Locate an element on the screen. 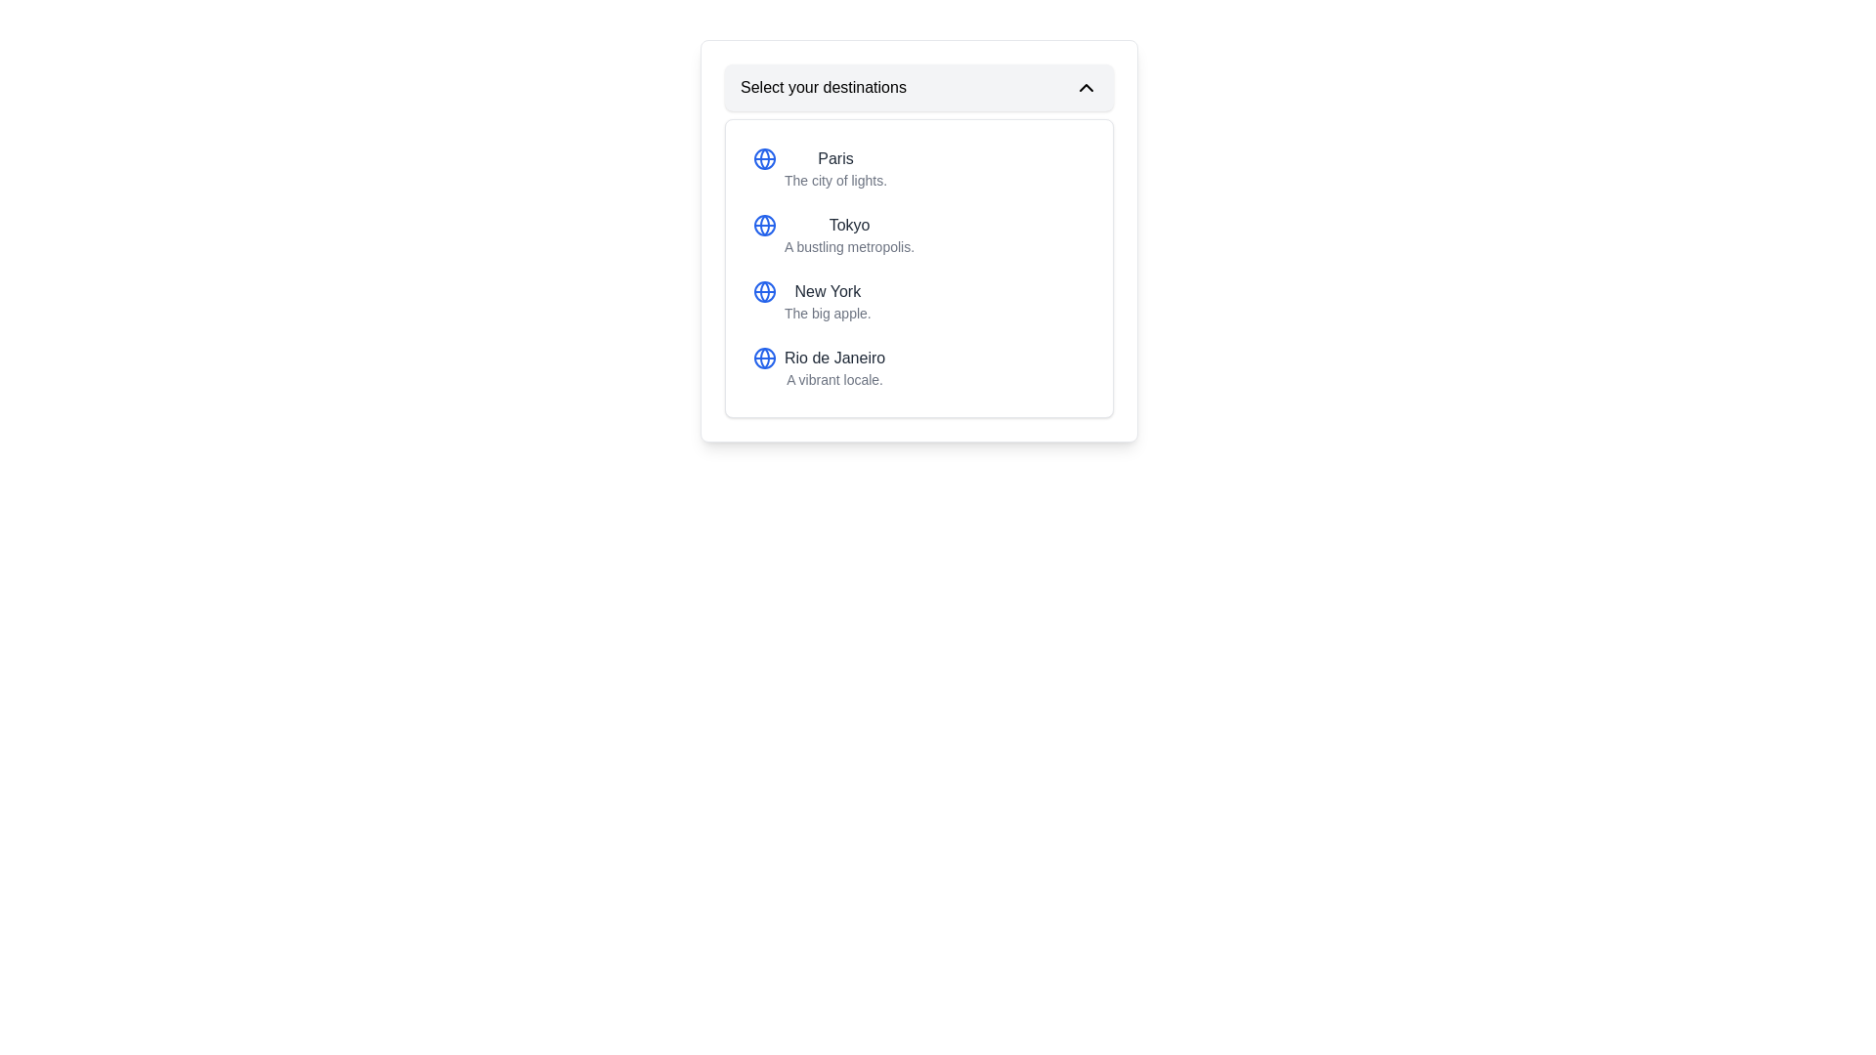 The width and height of the screenshot is (1876, 1055). the 'New York' icon, which is the third globe icon in a vertical list is located at coordinates (763, 292).